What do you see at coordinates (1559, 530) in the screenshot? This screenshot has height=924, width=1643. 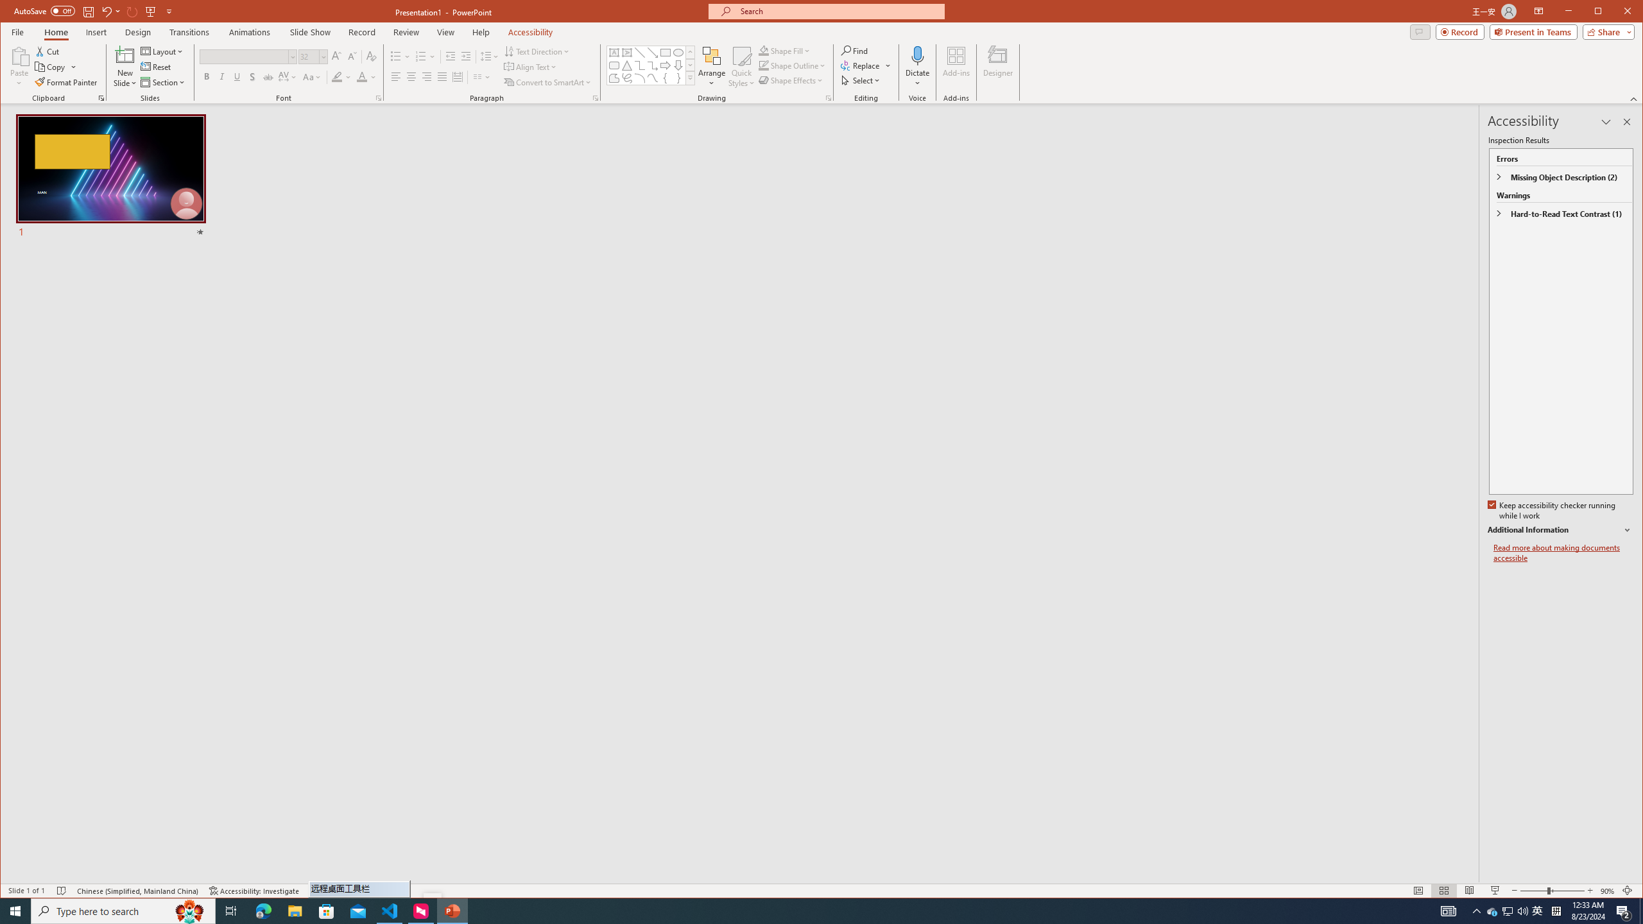 I see `'Additional Information'` at bounding box center [1559, 530].